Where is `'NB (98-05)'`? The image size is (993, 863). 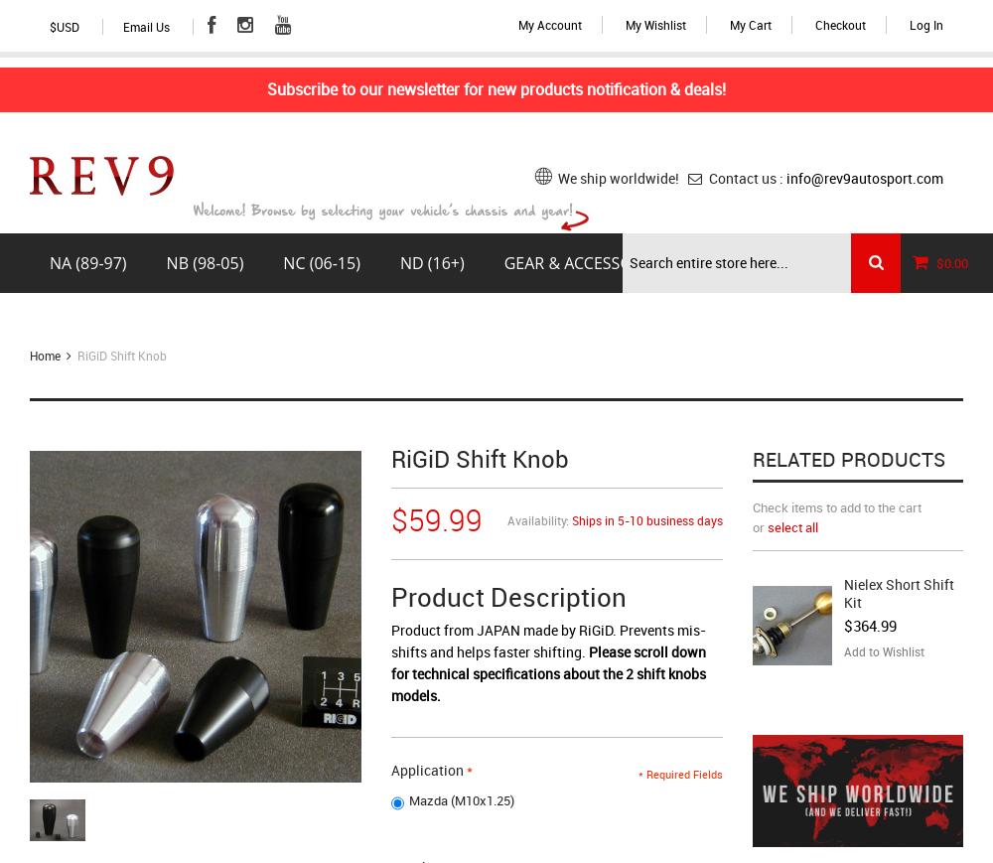 'NB (98-05)' is located at coordinates (204, 261).